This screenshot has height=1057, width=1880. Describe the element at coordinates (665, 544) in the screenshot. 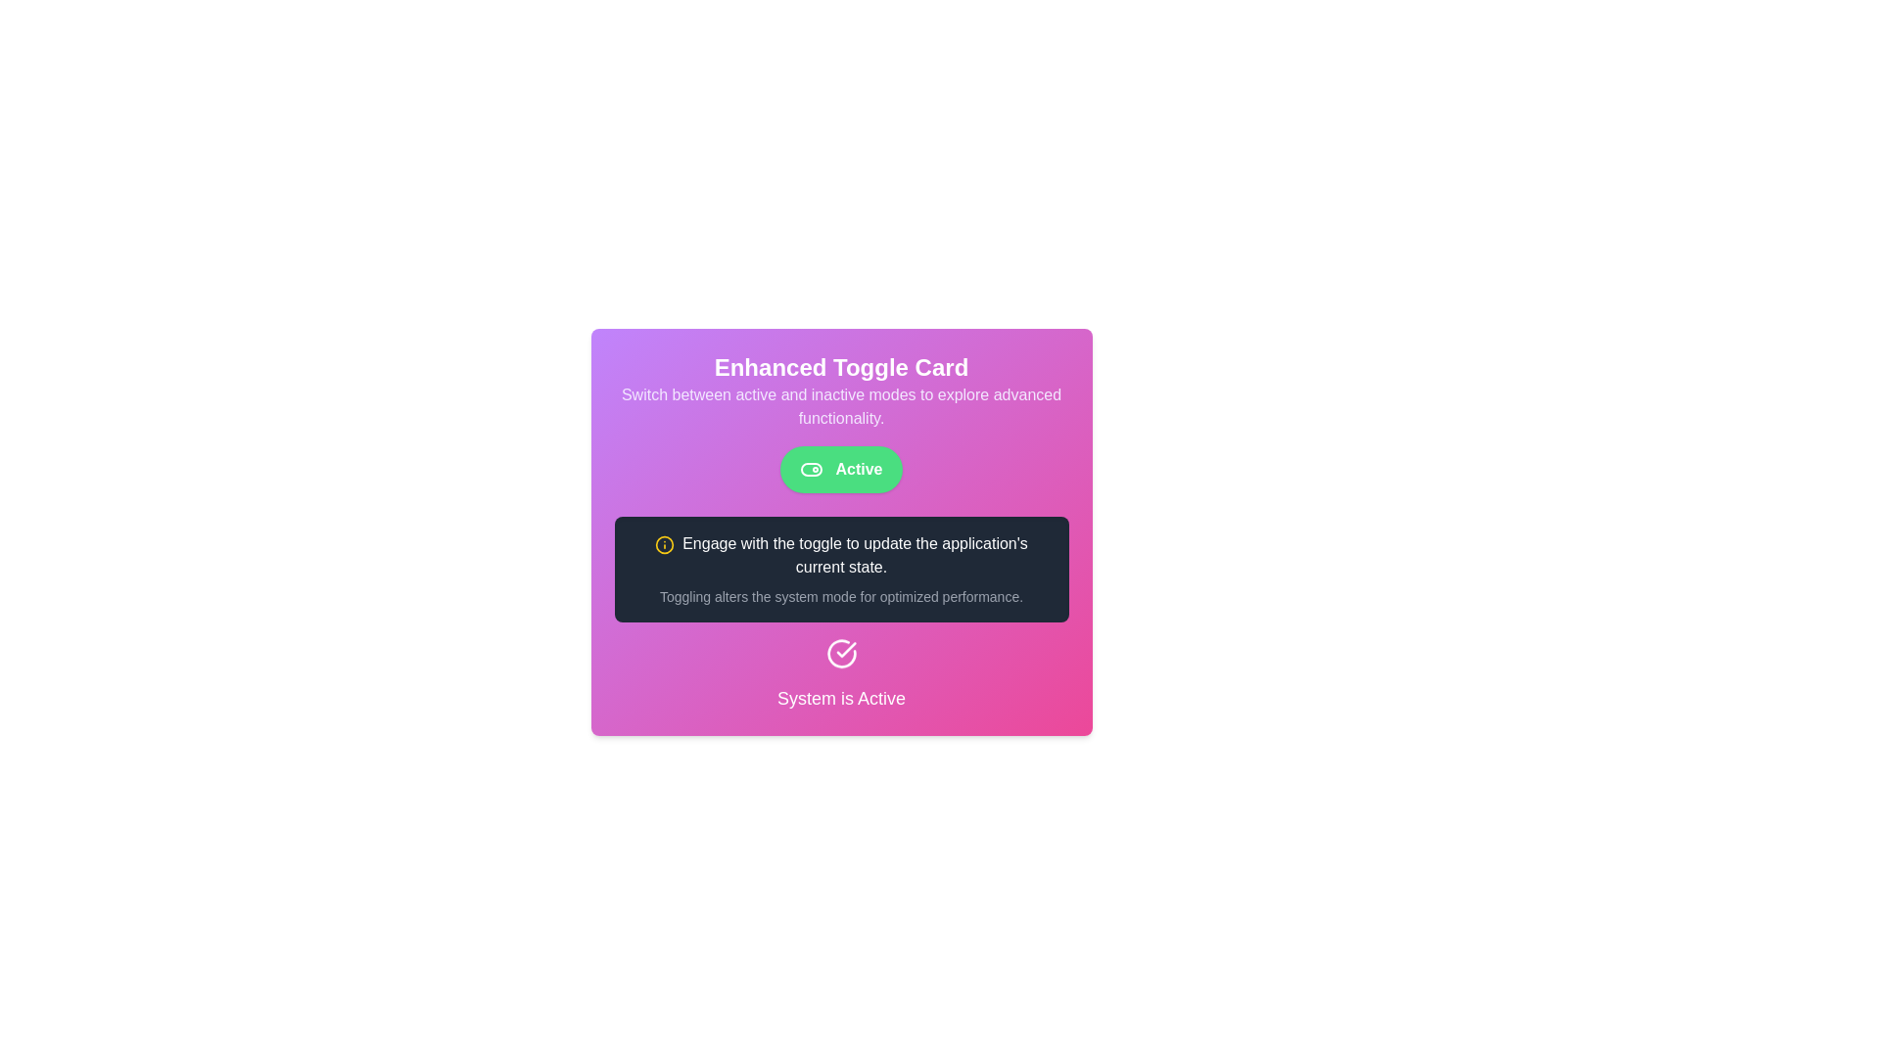

I see `the circular icon with a yellow border and central dot, styled as an info symbol, which is positioned to the left of the text 'Engage with the toggle to update the application's current state.'` at that location.